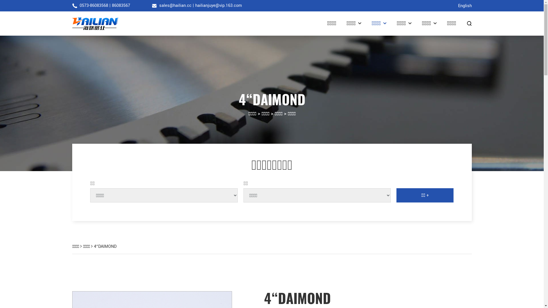  What do you see at coordinates (464, 6) in the screenshot?
I see `'English'` at bounding box center [464, 6].